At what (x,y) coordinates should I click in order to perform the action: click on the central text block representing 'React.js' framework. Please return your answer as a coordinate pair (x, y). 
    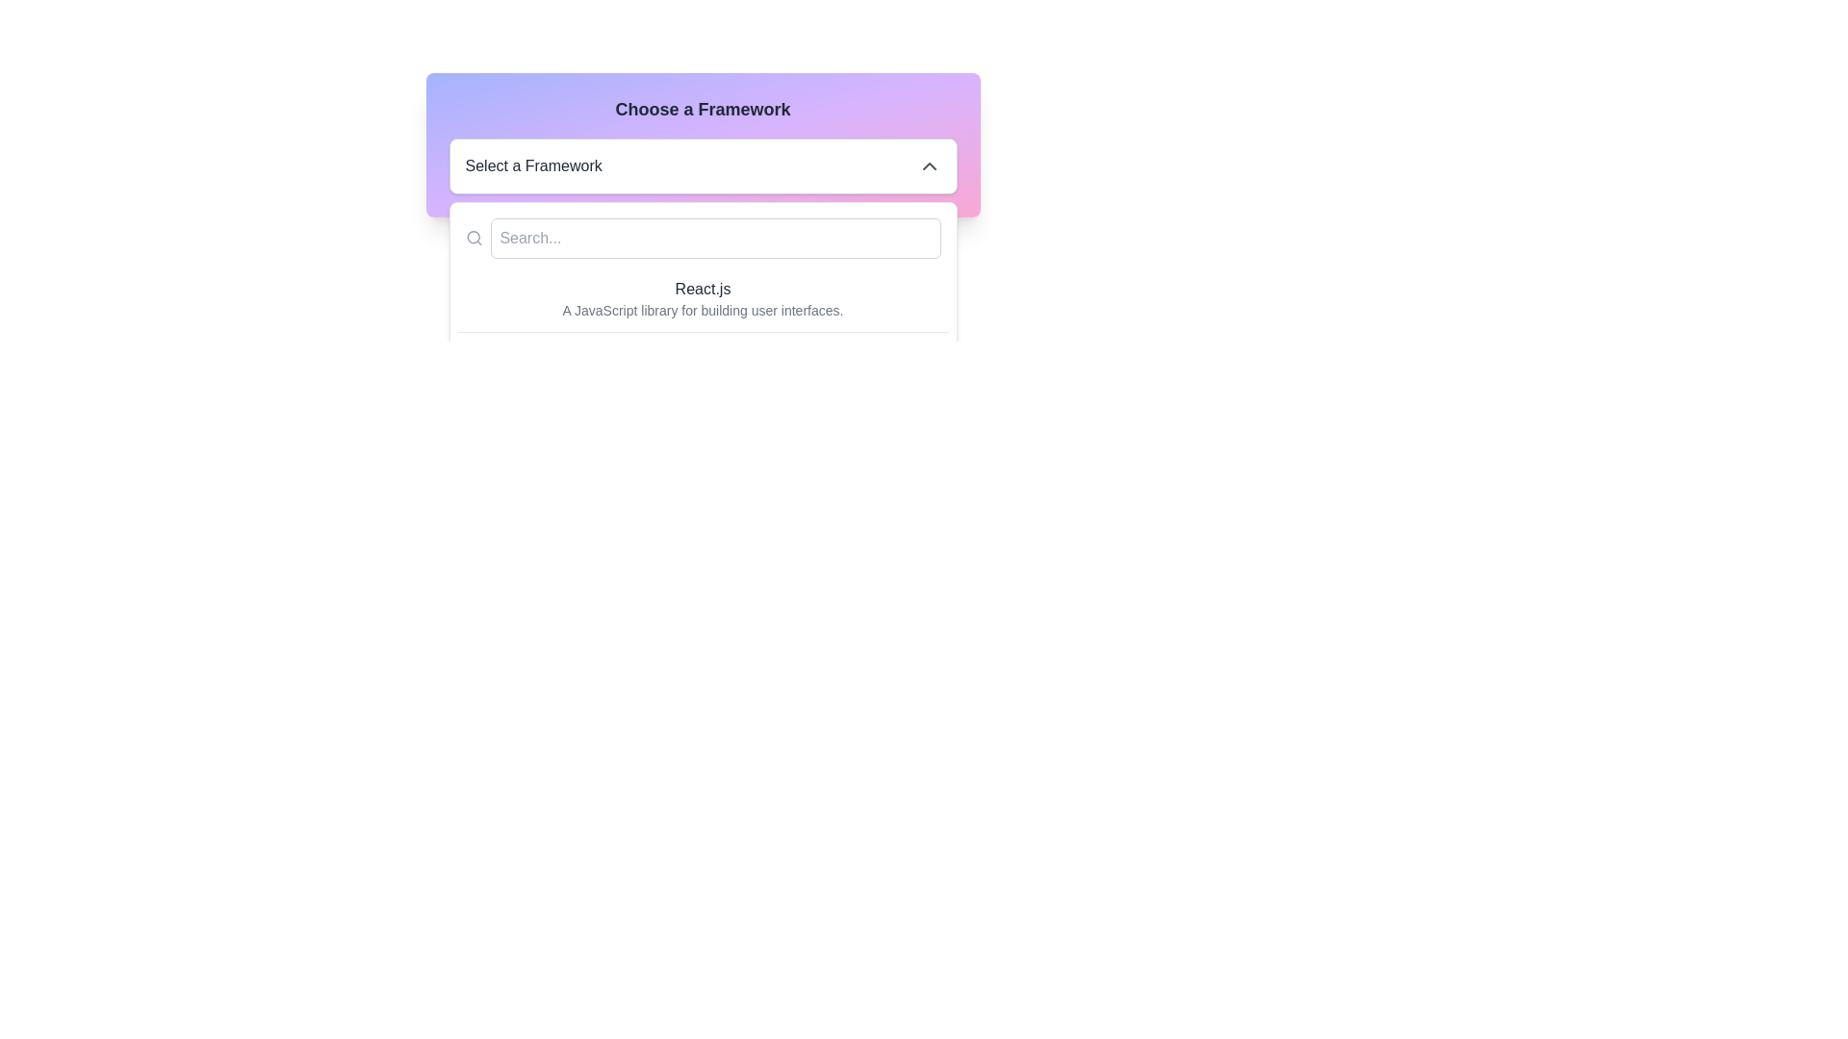
    Looking at the image, I should click on (702, 299).